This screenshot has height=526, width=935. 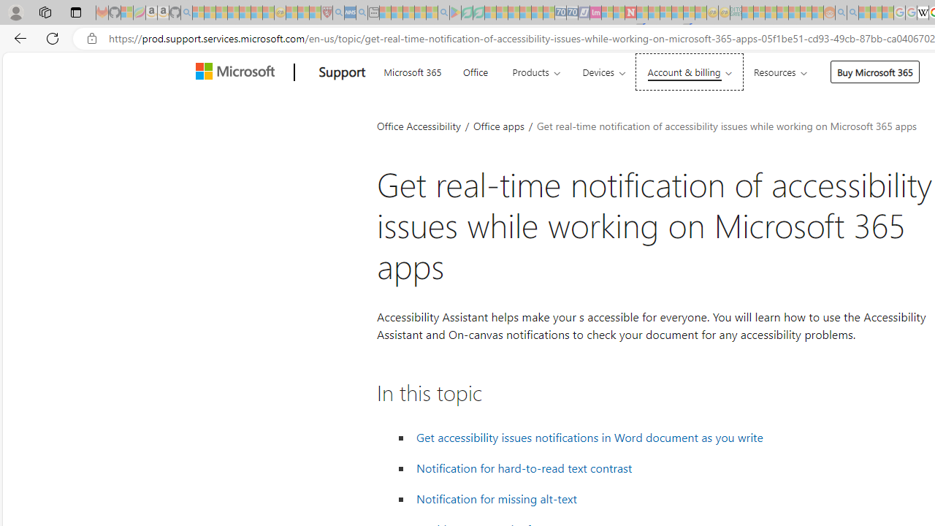 What do you see at coordinates (419, 12) in the screenshot?
I see `'Pets - MSN - Sleeping'` at bounding box center [419, 12].